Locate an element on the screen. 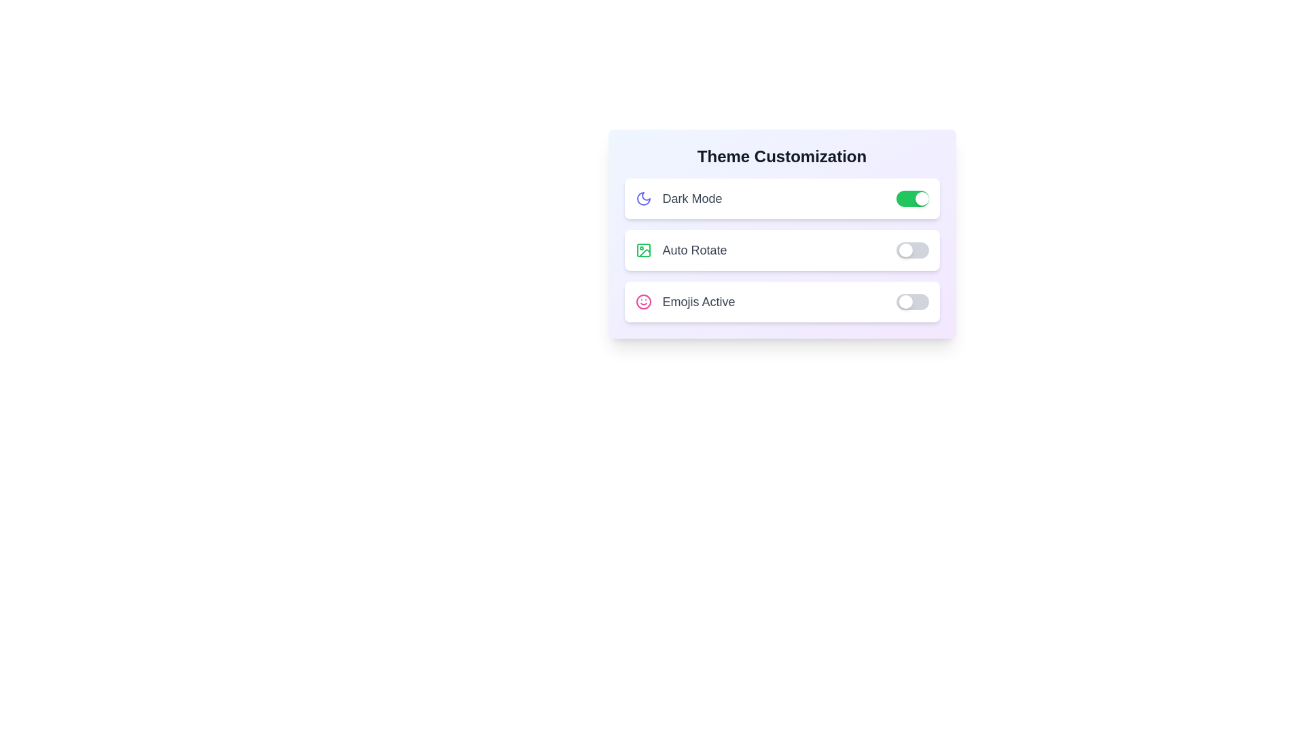 This screenshot has height=733, width=1304. the 'dark Mode' label which is displayed in a large font size, grayish color, and is positioned between a crescent moon icon and a toggle switch in the customization menu is located at coordinates (678, 199).